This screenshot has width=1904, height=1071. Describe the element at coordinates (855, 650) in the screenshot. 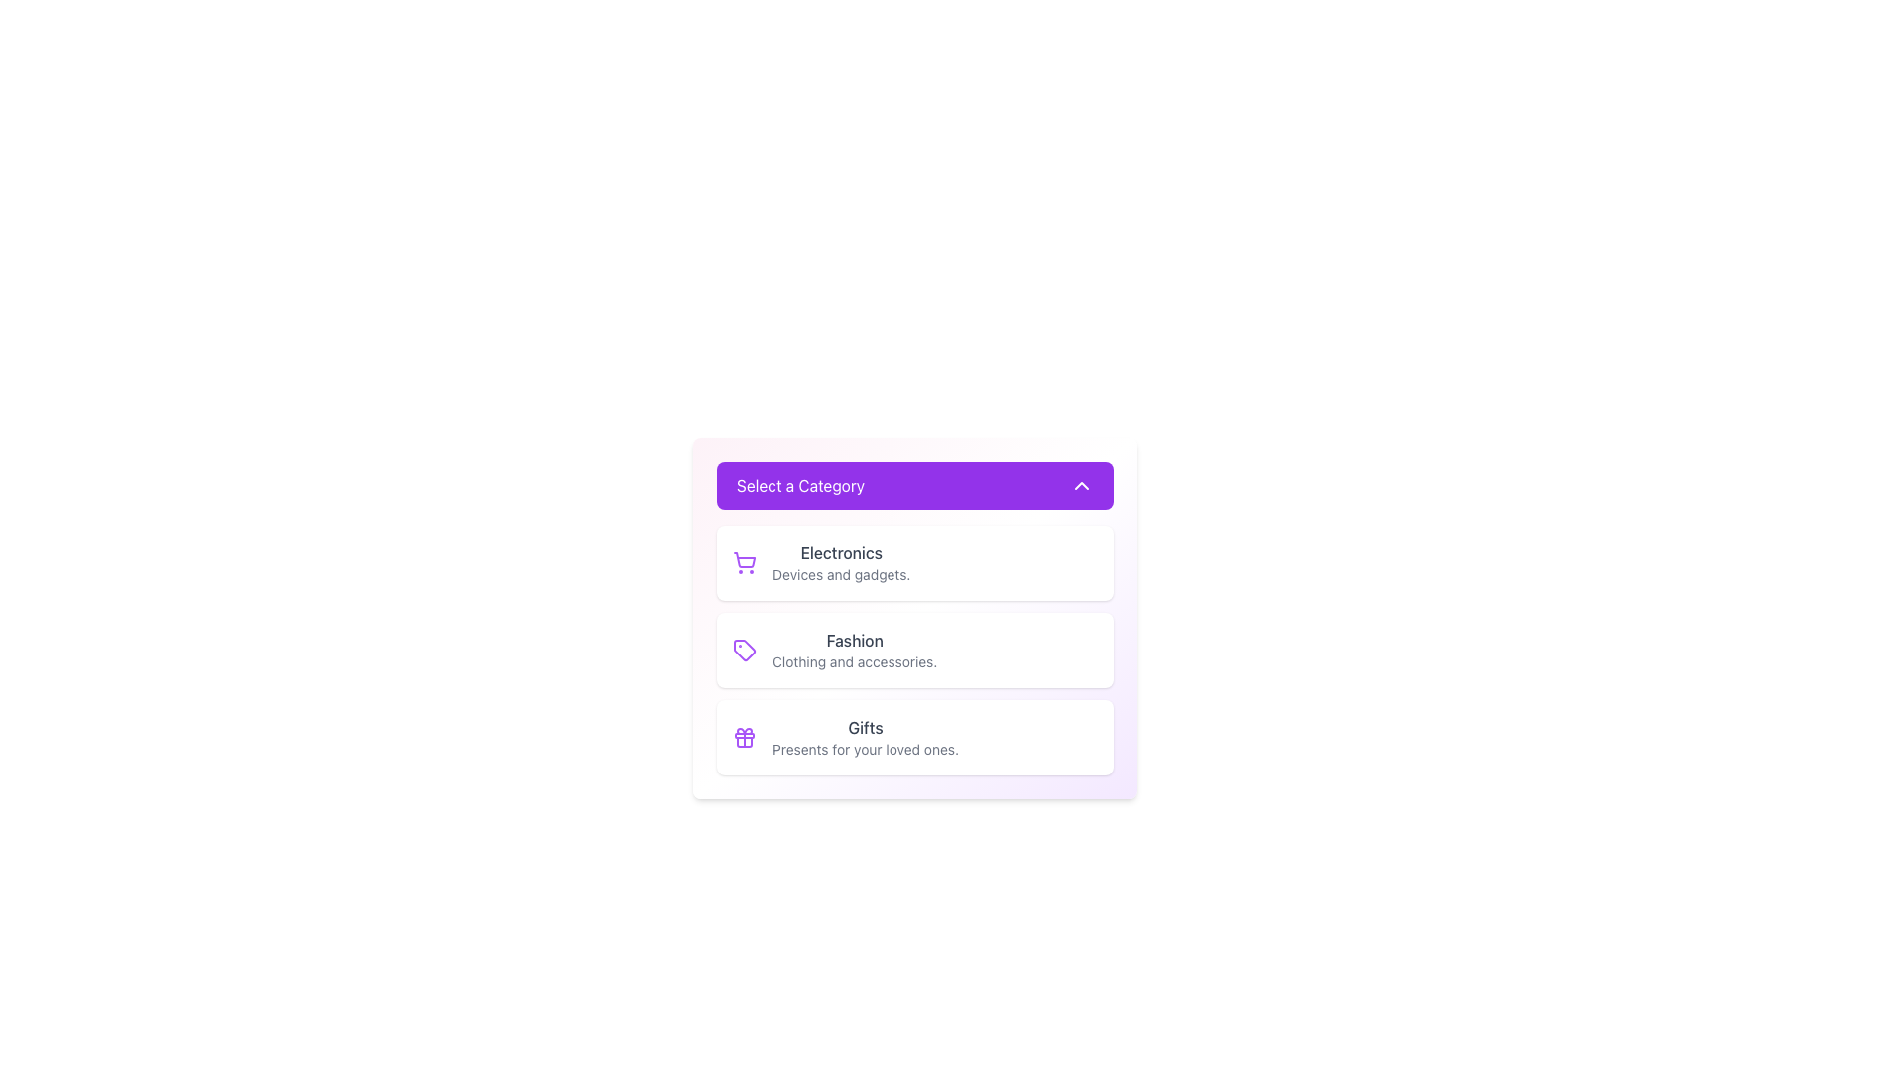

I see `the text content block that displays 'Fashion' in bold and 'Clothing and accessories.' in gray, located between the 'Electronics' and 'Gifts' cards` at that location.